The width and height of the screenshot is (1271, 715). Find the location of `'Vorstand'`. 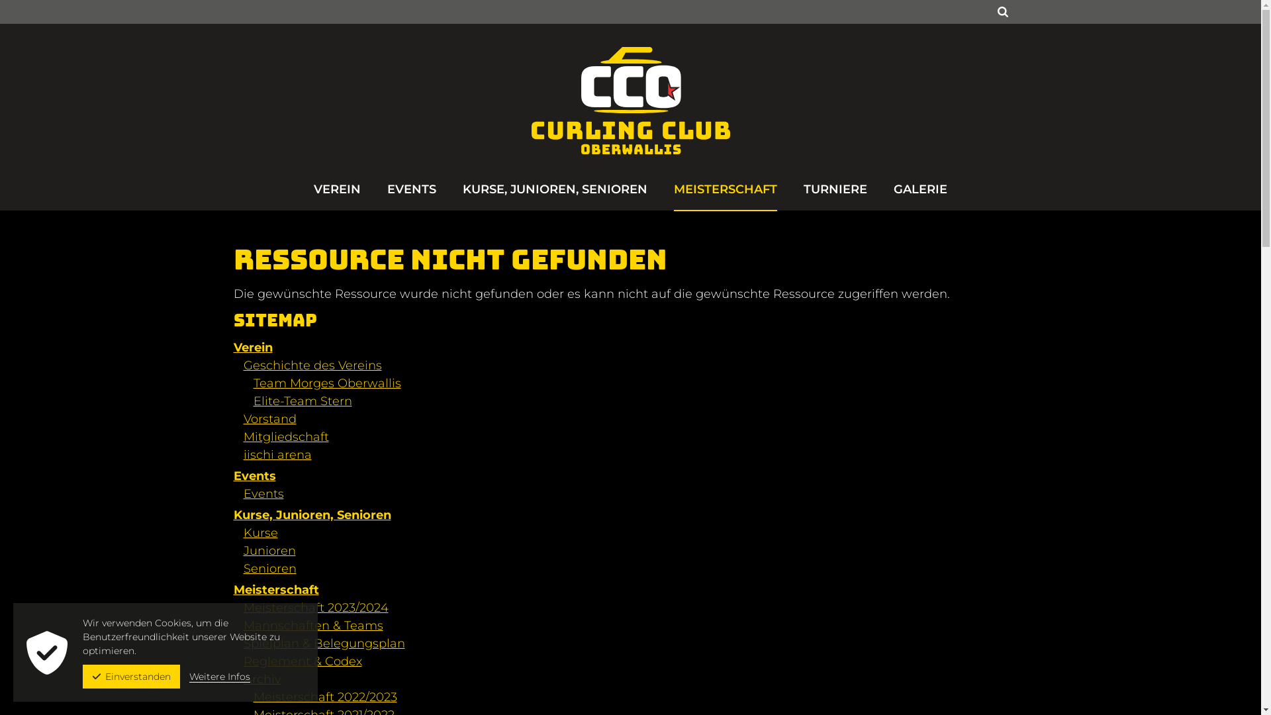

'Vorstand' is located at coordinates (269, 418).